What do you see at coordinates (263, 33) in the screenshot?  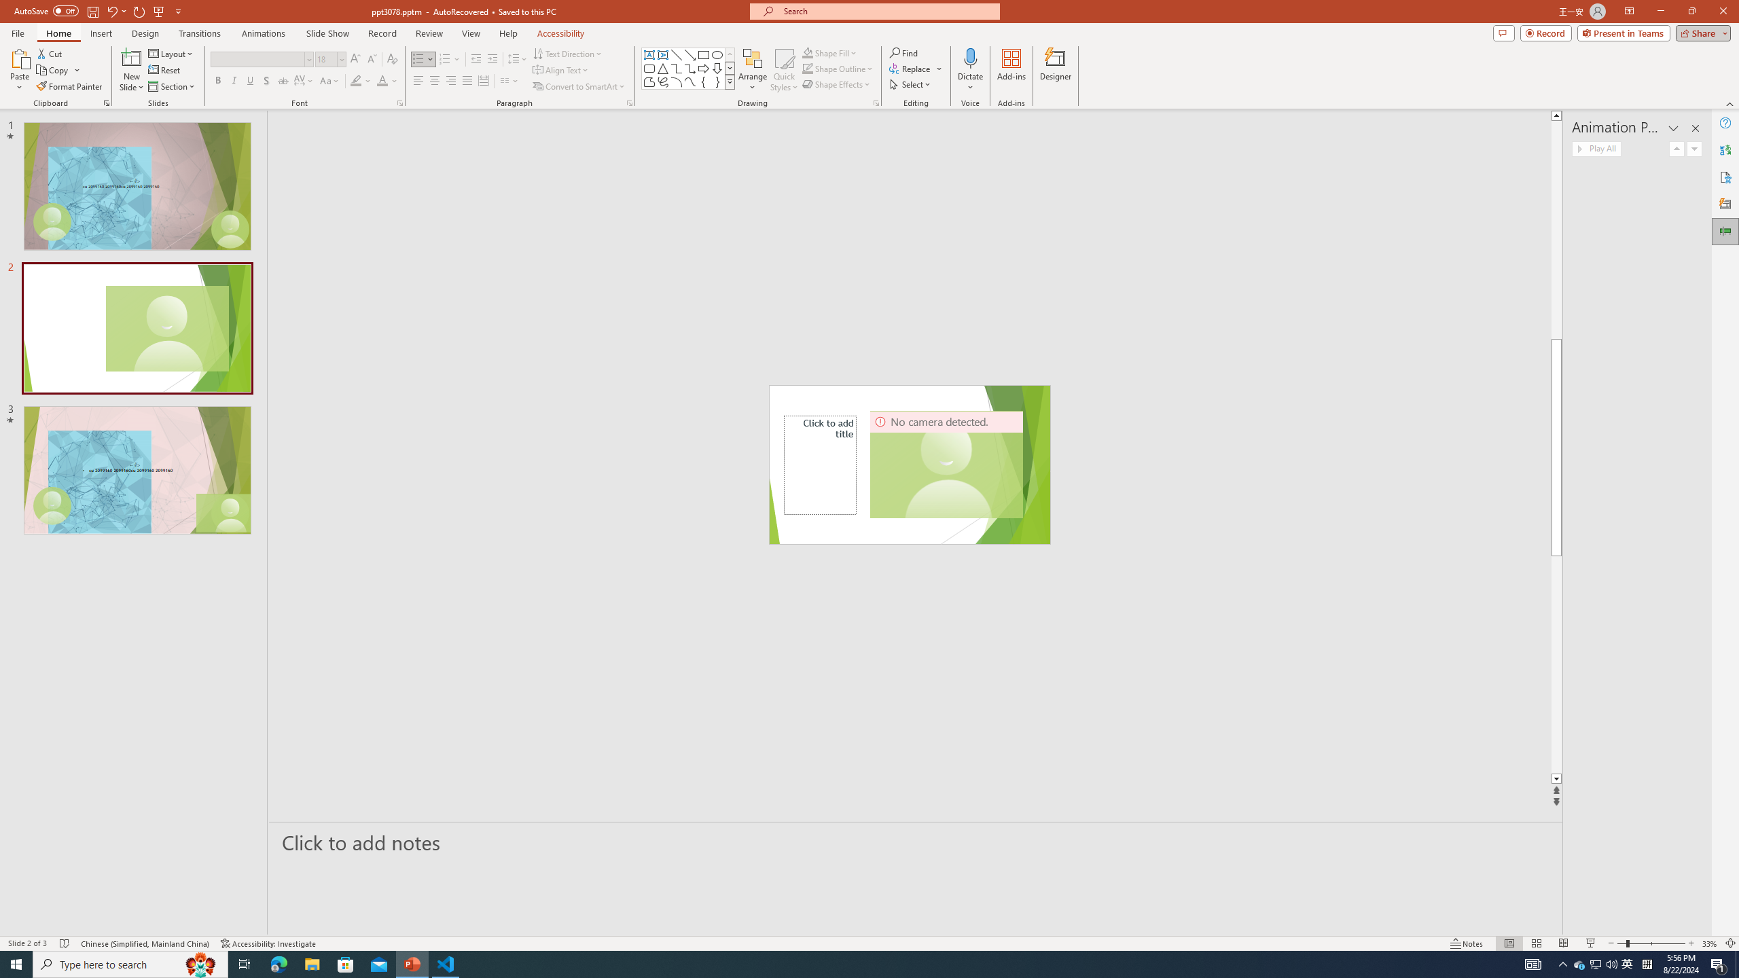 I see `'Animations'` at bounding box center [263, 33].